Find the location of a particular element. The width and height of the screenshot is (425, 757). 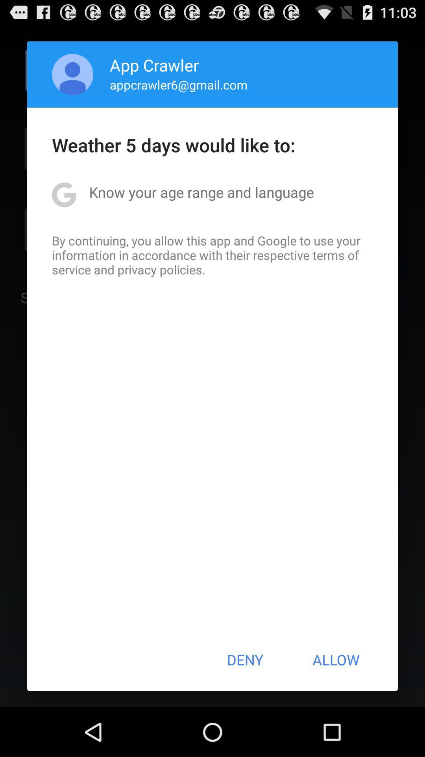

deny button is located at coordinates (244, 660).